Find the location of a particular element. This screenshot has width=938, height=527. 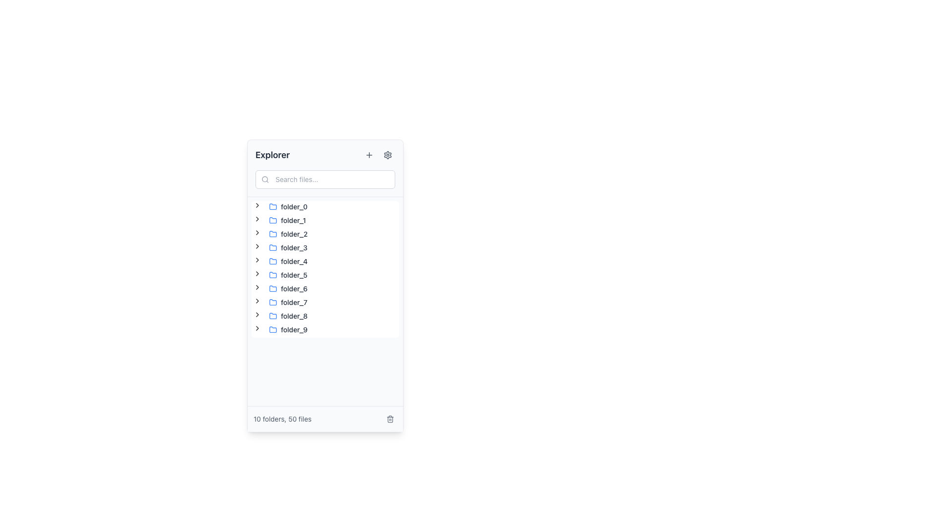

the text label for 'folder_1' is located at coordinates (293, 220).